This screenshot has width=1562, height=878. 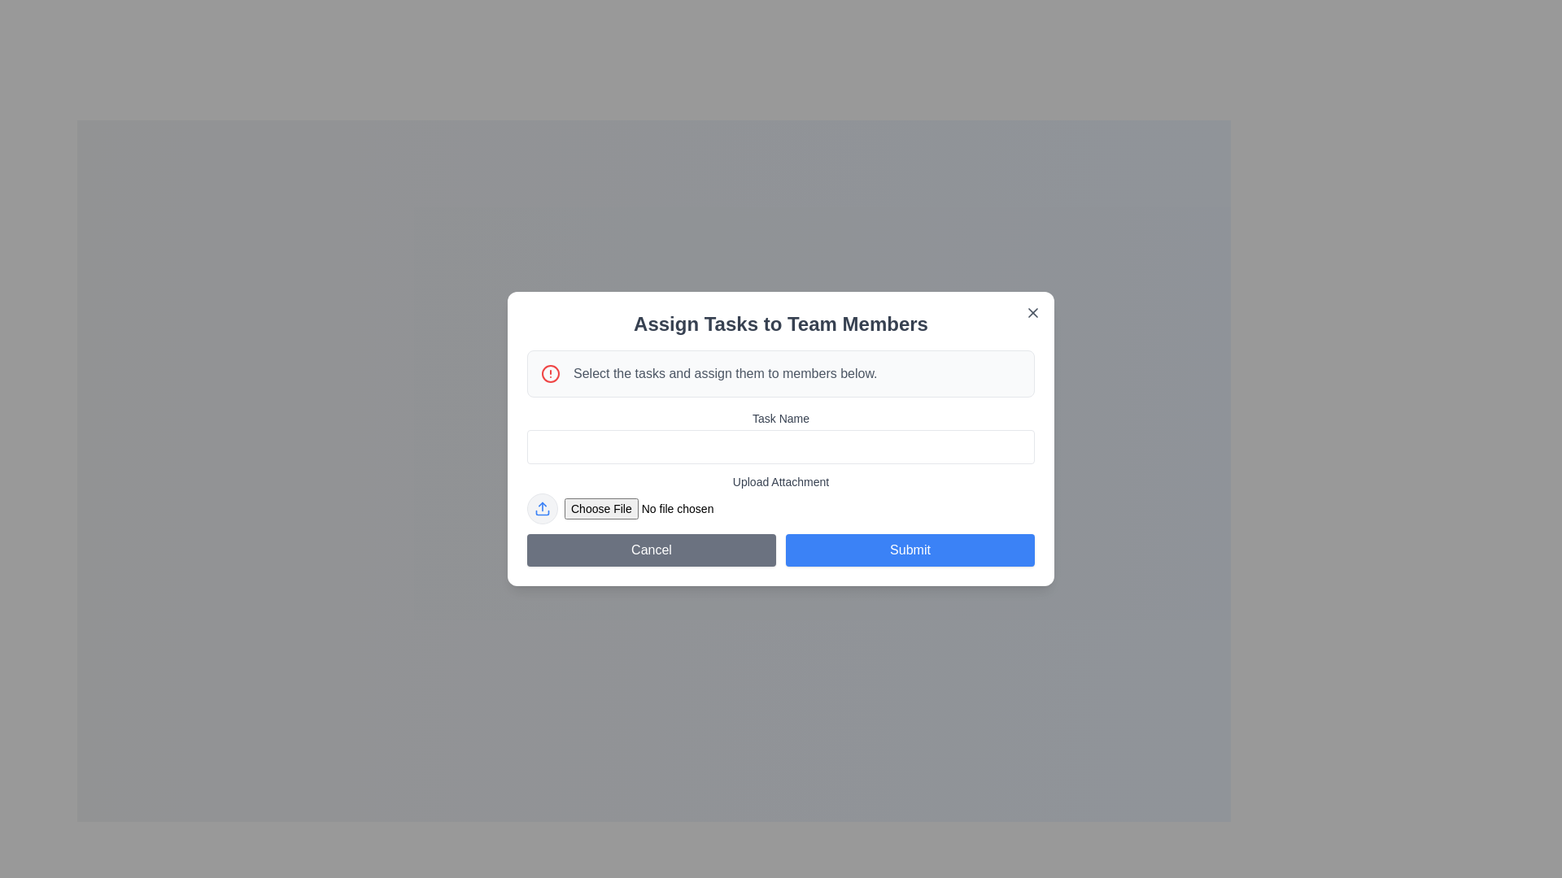 I want to click on the Text label that indicates users should input the task's name into the text box, which is located centrally above the input field in the modal dialog box, so click(x=781, y=418).